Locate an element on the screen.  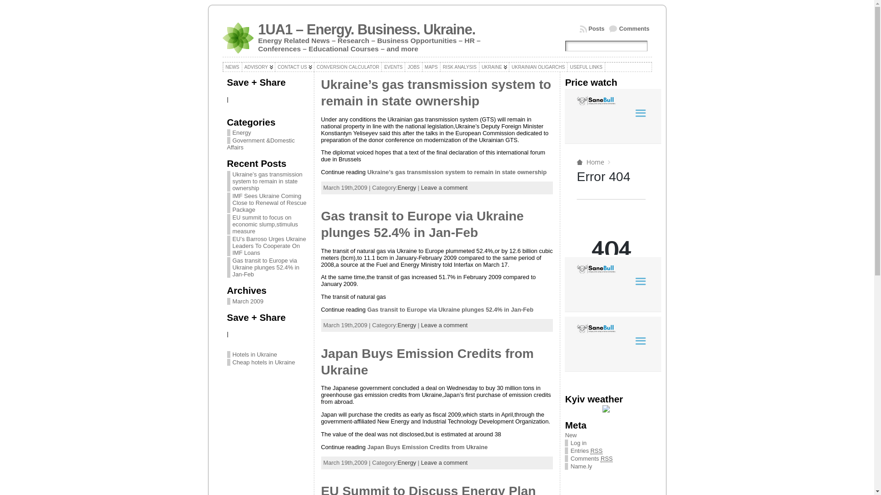
'Name.ly' is located at coordinates (580, 466).